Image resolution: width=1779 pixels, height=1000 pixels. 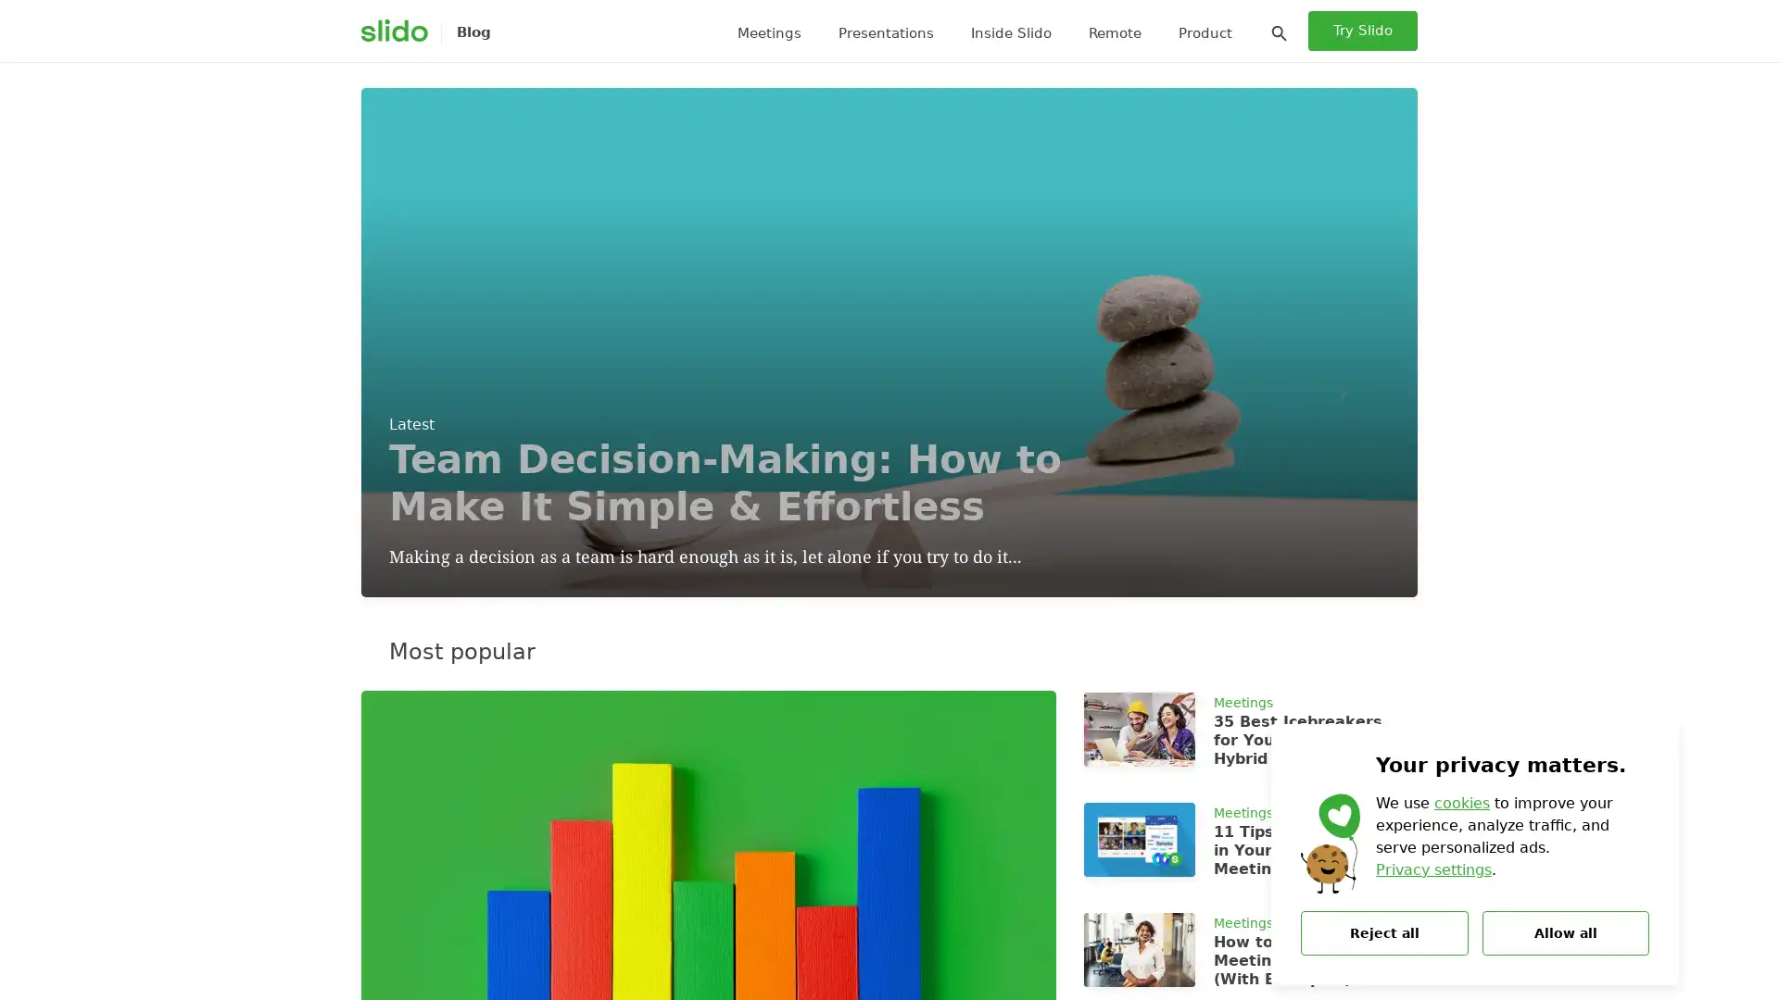 I want to click on Reject all, so click(x=1383, y=932).